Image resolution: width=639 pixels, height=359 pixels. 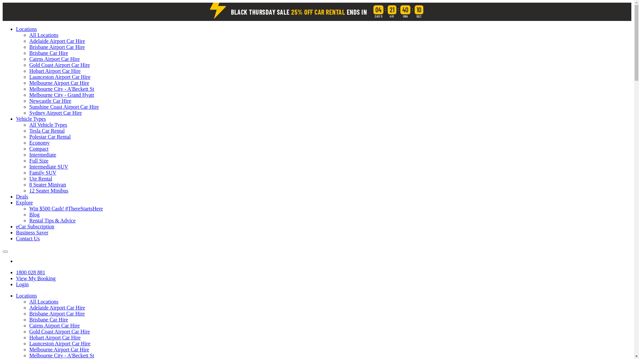 What do you see at coordinates (16, 295) in the screenshot?
I see `'Locations'` at bounding box center [16, 295].